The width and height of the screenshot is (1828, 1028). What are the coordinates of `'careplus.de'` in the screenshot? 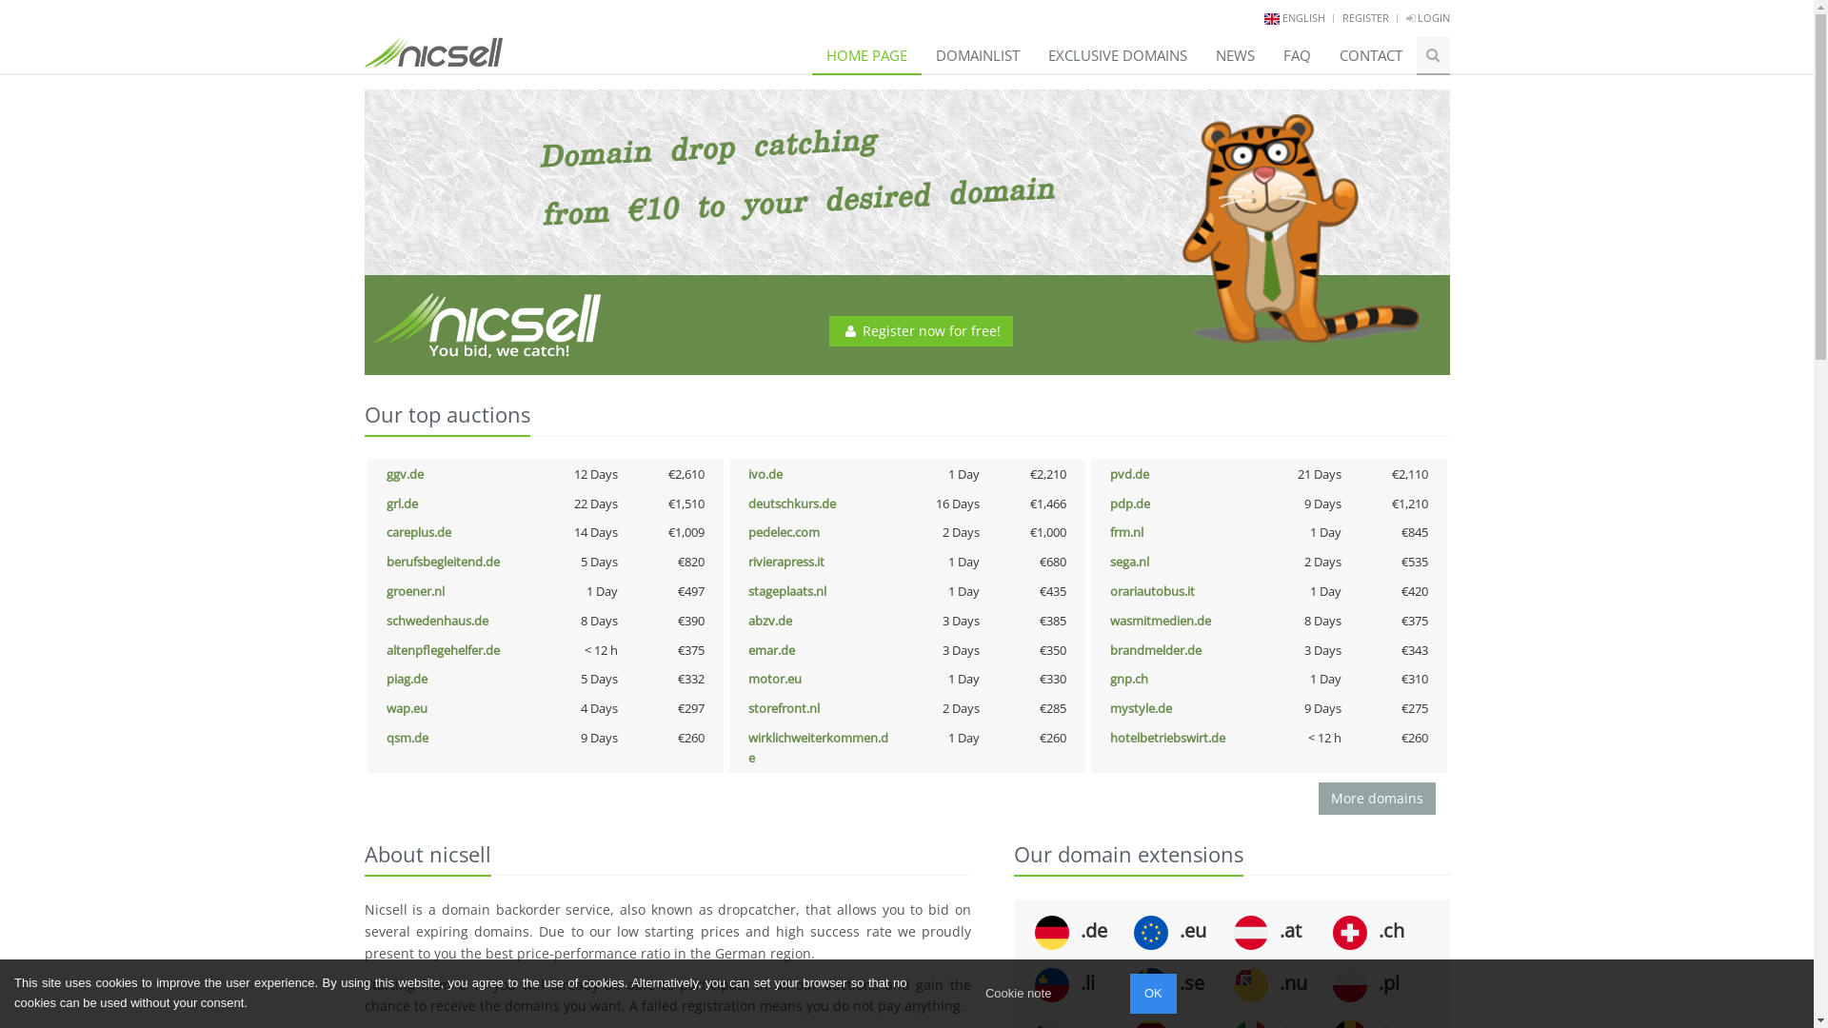 It's located at (418, 532).